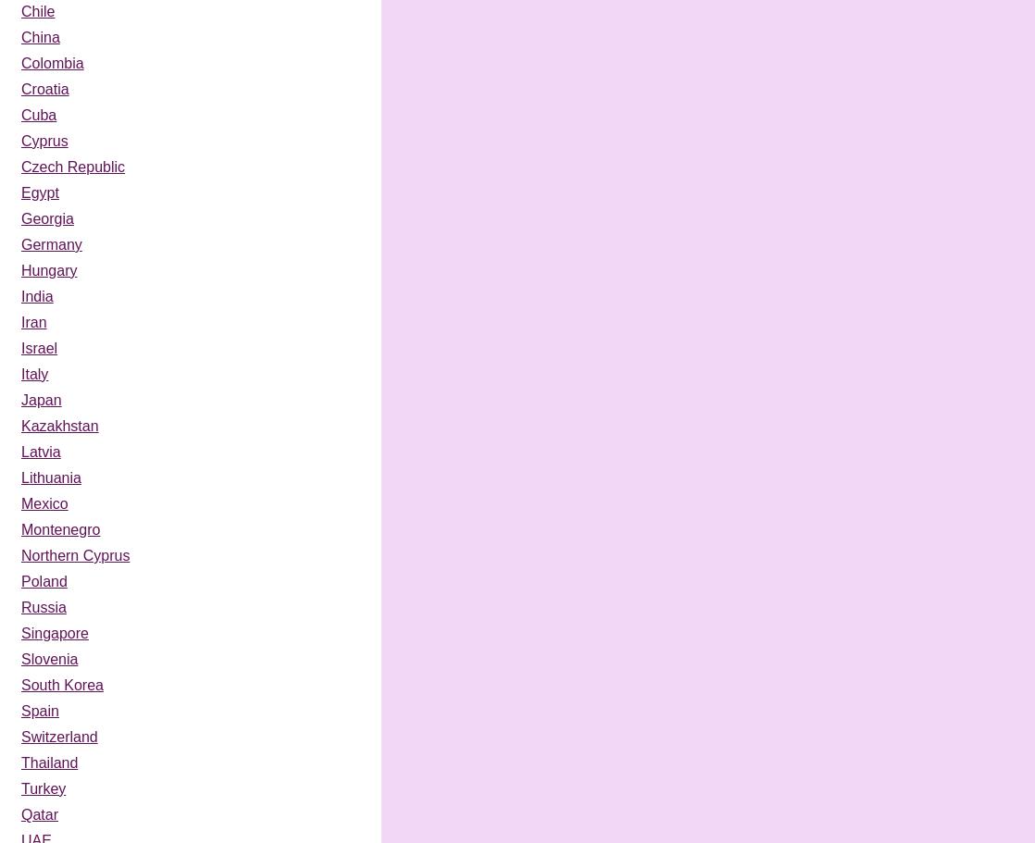 This screenshot has width=1035, height=843. I want to click on 'Mexico', so click(44, 502).